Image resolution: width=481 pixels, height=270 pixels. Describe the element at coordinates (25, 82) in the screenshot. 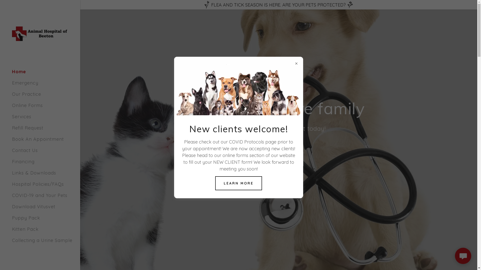

I see `'Emergency'` at that location.